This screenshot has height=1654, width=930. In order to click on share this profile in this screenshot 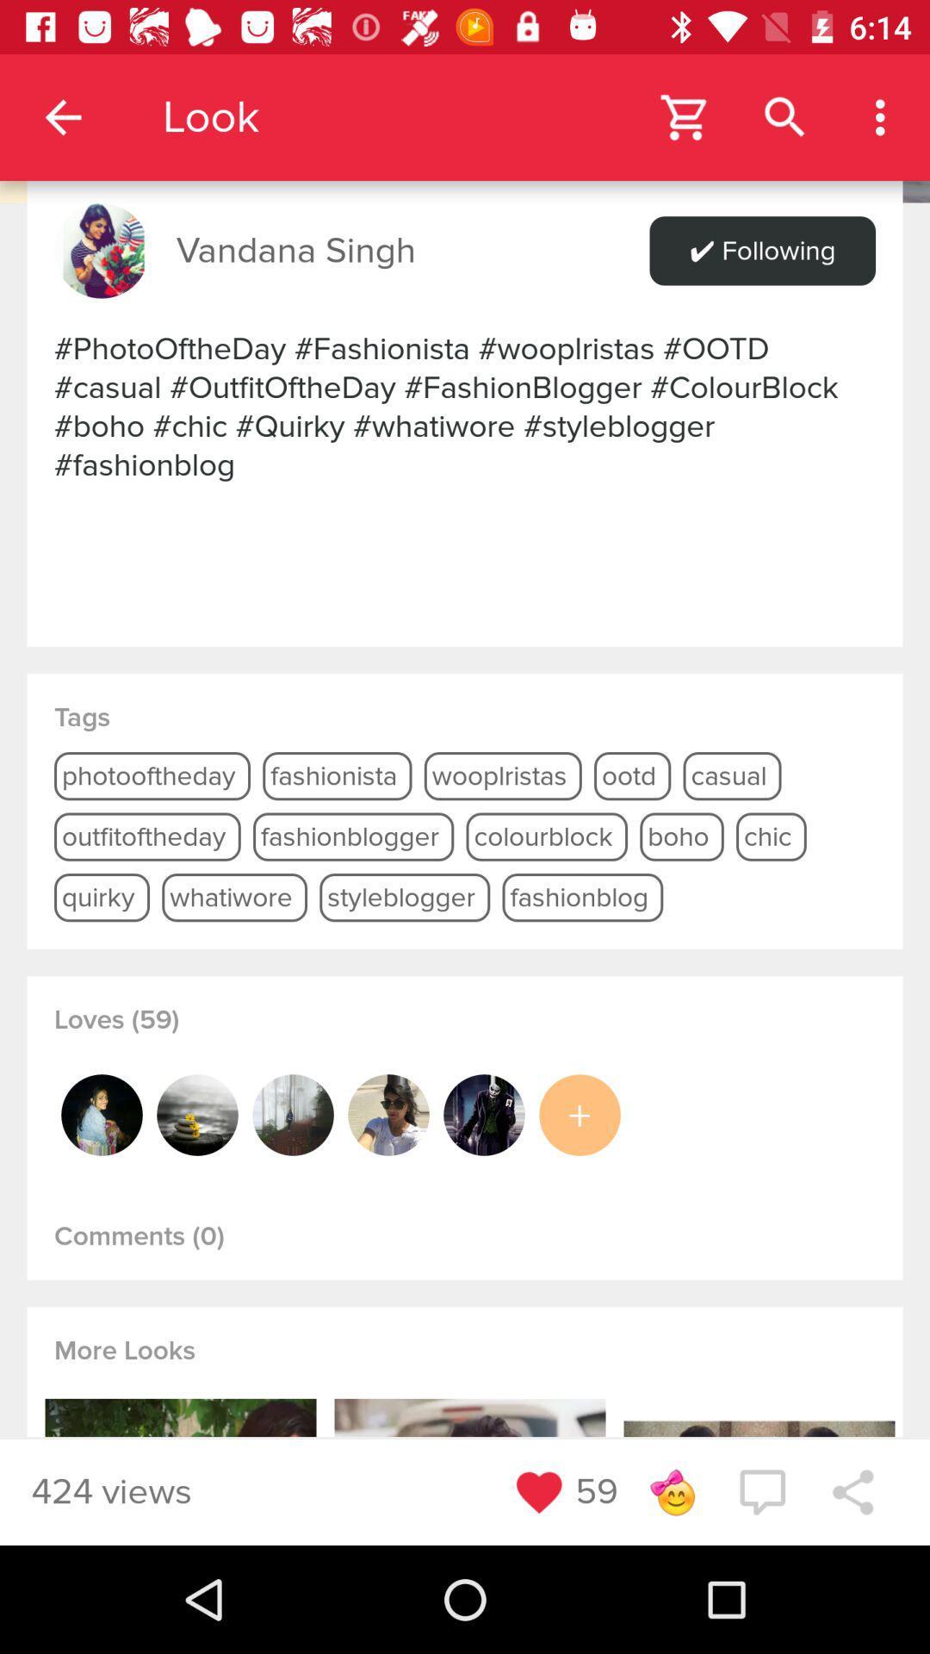, I will do `click(852, 1491)`.